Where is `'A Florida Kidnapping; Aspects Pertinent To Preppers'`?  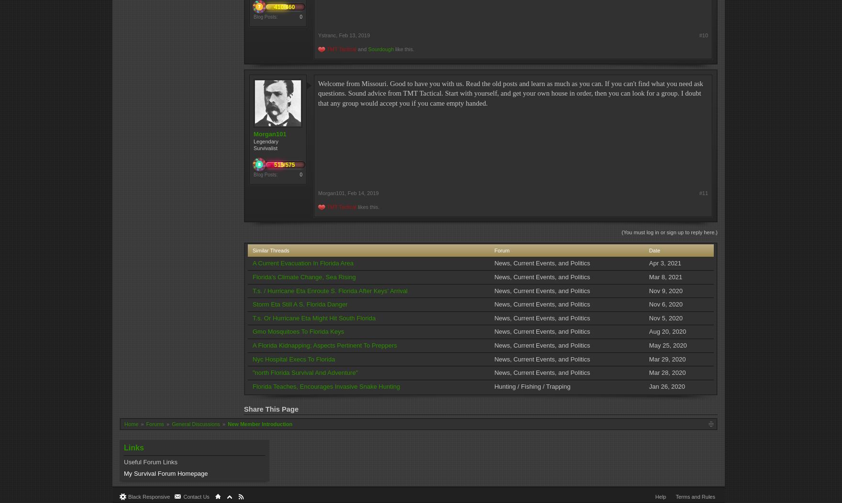
'A Florida Kidnapping; Aspects Pertinent To Preppers' is located at coordinates (324, 345).